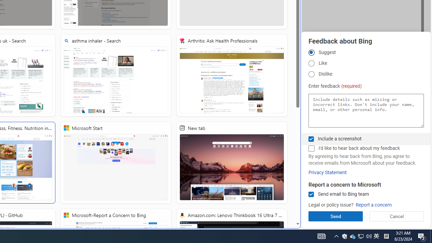 The height and width of the screenshot is (243, 432). I want to click on 'asthma inhaler - Search', so click(116, 75).